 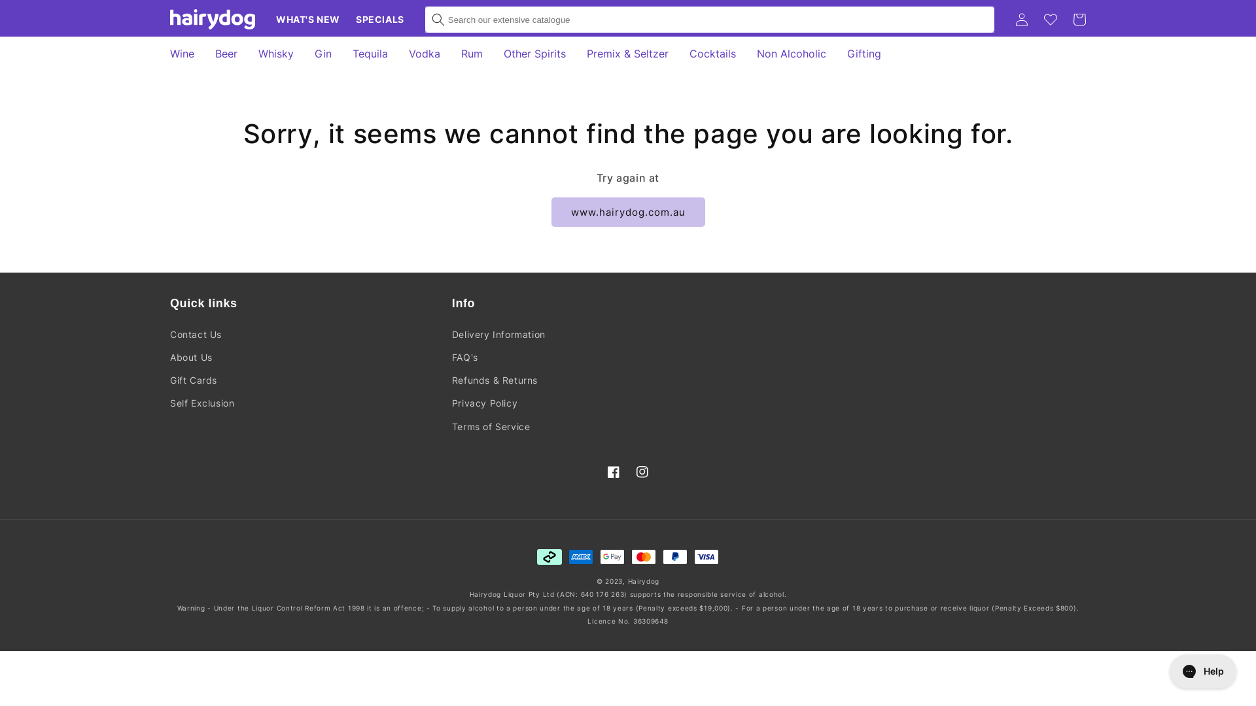 I want to click on 'Gift Cards', so click(x=193, y=380).